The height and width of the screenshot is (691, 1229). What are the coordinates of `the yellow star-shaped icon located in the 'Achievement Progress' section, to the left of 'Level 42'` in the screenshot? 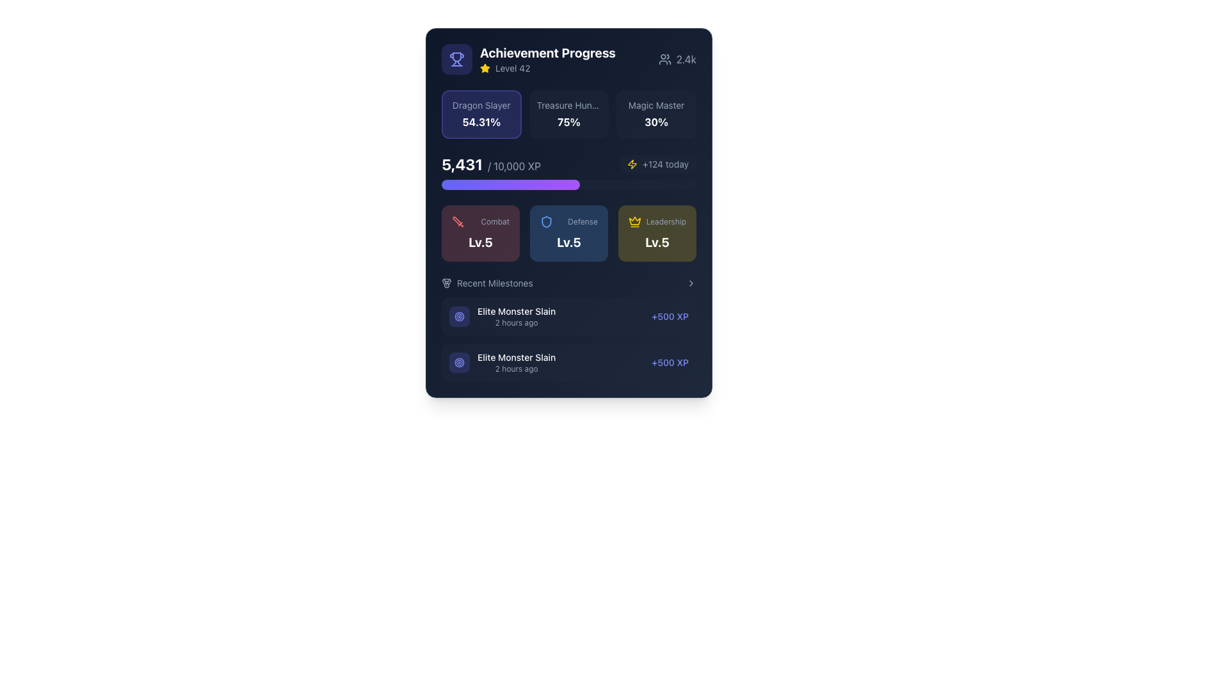 It's located at (485, 68).